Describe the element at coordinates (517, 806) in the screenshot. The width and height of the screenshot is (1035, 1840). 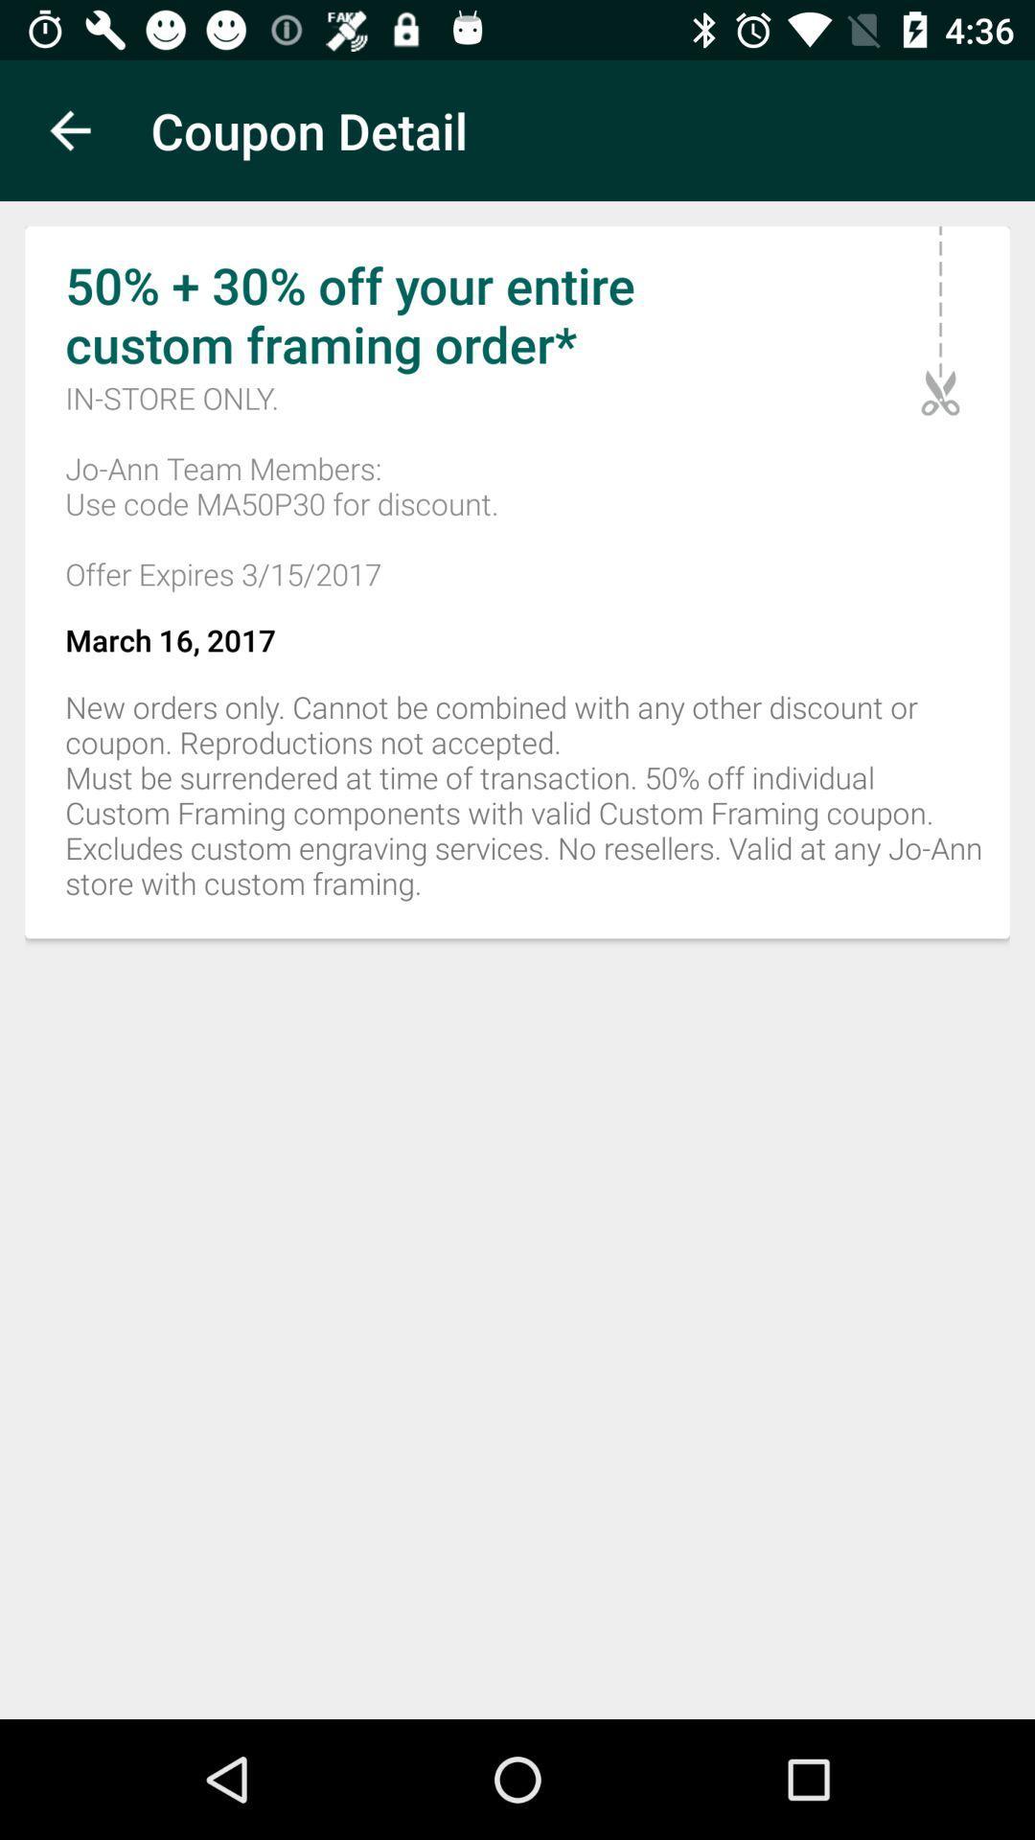
I see `icon at the center` at that location.